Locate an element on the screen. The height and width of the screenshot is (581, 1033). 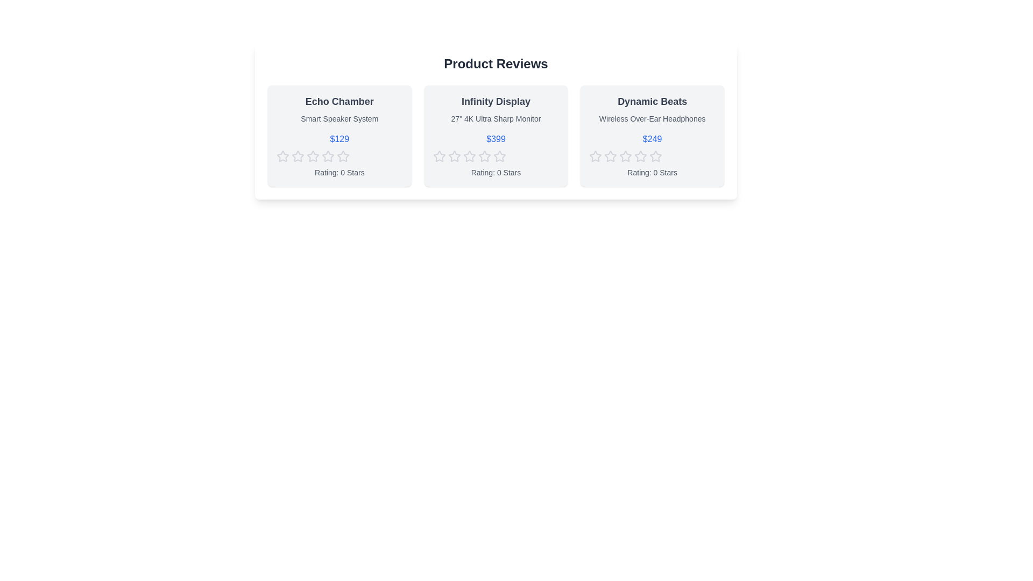
the fifth interactive graphical star icon with a hollow center and outlined edges, styled in gray, located beneath the 'Infinity Display' section of the product reviews is located at coordinates (499, 156).